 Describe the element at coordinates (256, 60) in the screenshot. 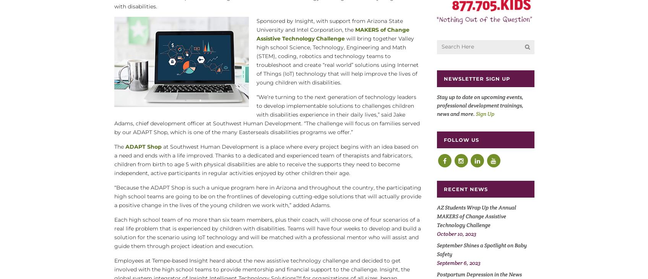

I see `'will bring together Valley high school Science, Technology, Engineering and Math (STEM), coding, robotics and technology teams to troubleshoot and create “real world” solutions using Internet of Things (IoT) technology that will help improve the lives of young children with disabilities.'` at that location.